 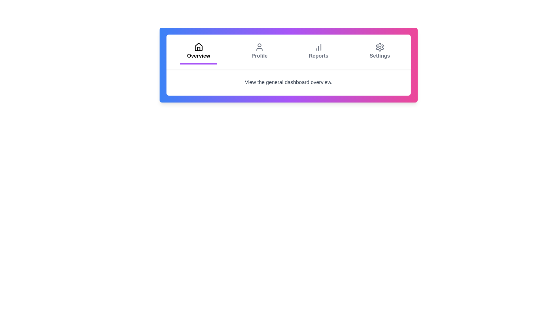 I want to click on the 'Profile' text label, which is displayed in gray font and positioned below the user profile icon in the tab navigation bar, so click(x=259, y=56).